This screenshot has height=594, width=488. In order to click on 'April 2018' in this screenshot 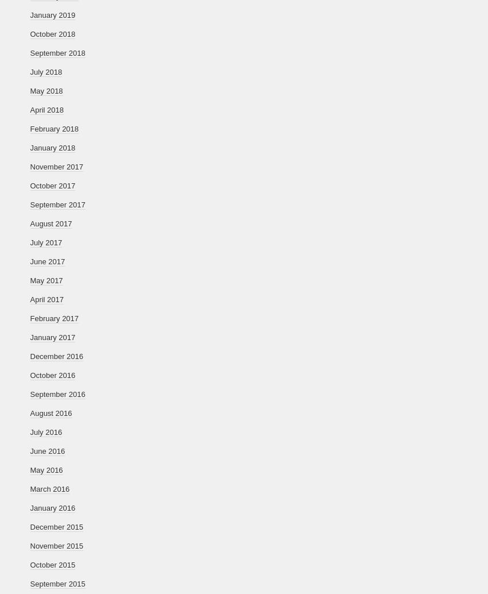, I will do `click(47, 110)`.